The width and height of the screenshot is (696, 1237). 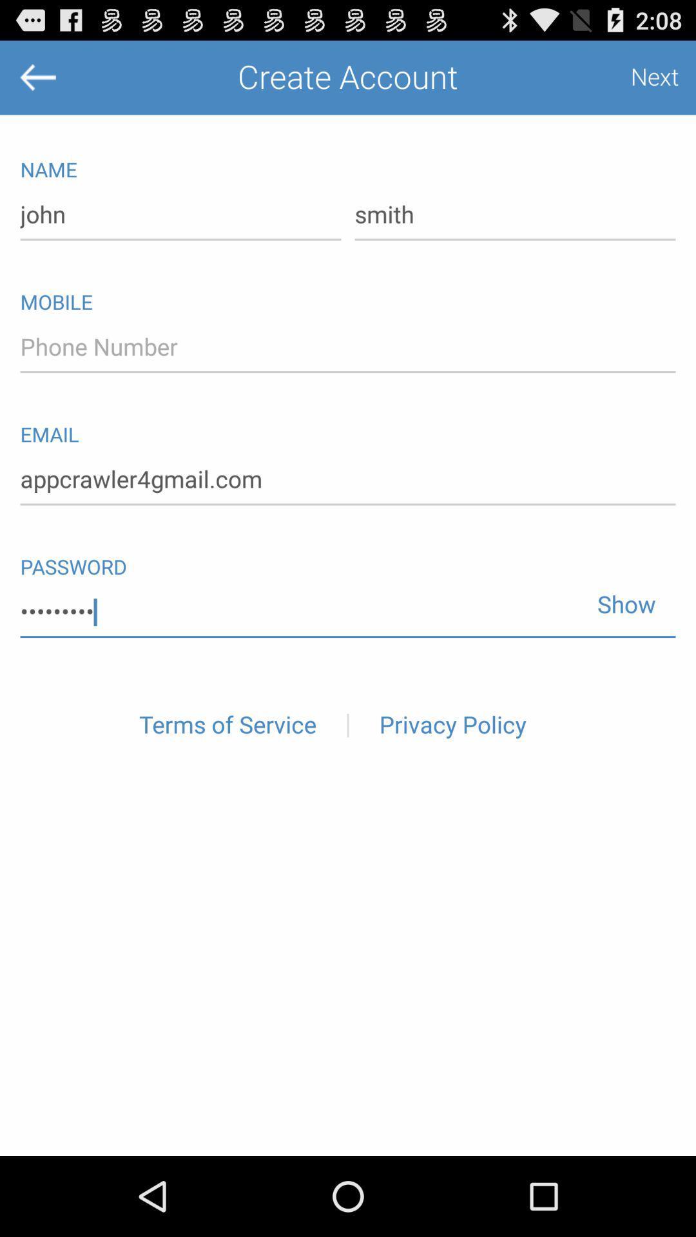 I want to click on button on the right, so click(x=621, y=598).